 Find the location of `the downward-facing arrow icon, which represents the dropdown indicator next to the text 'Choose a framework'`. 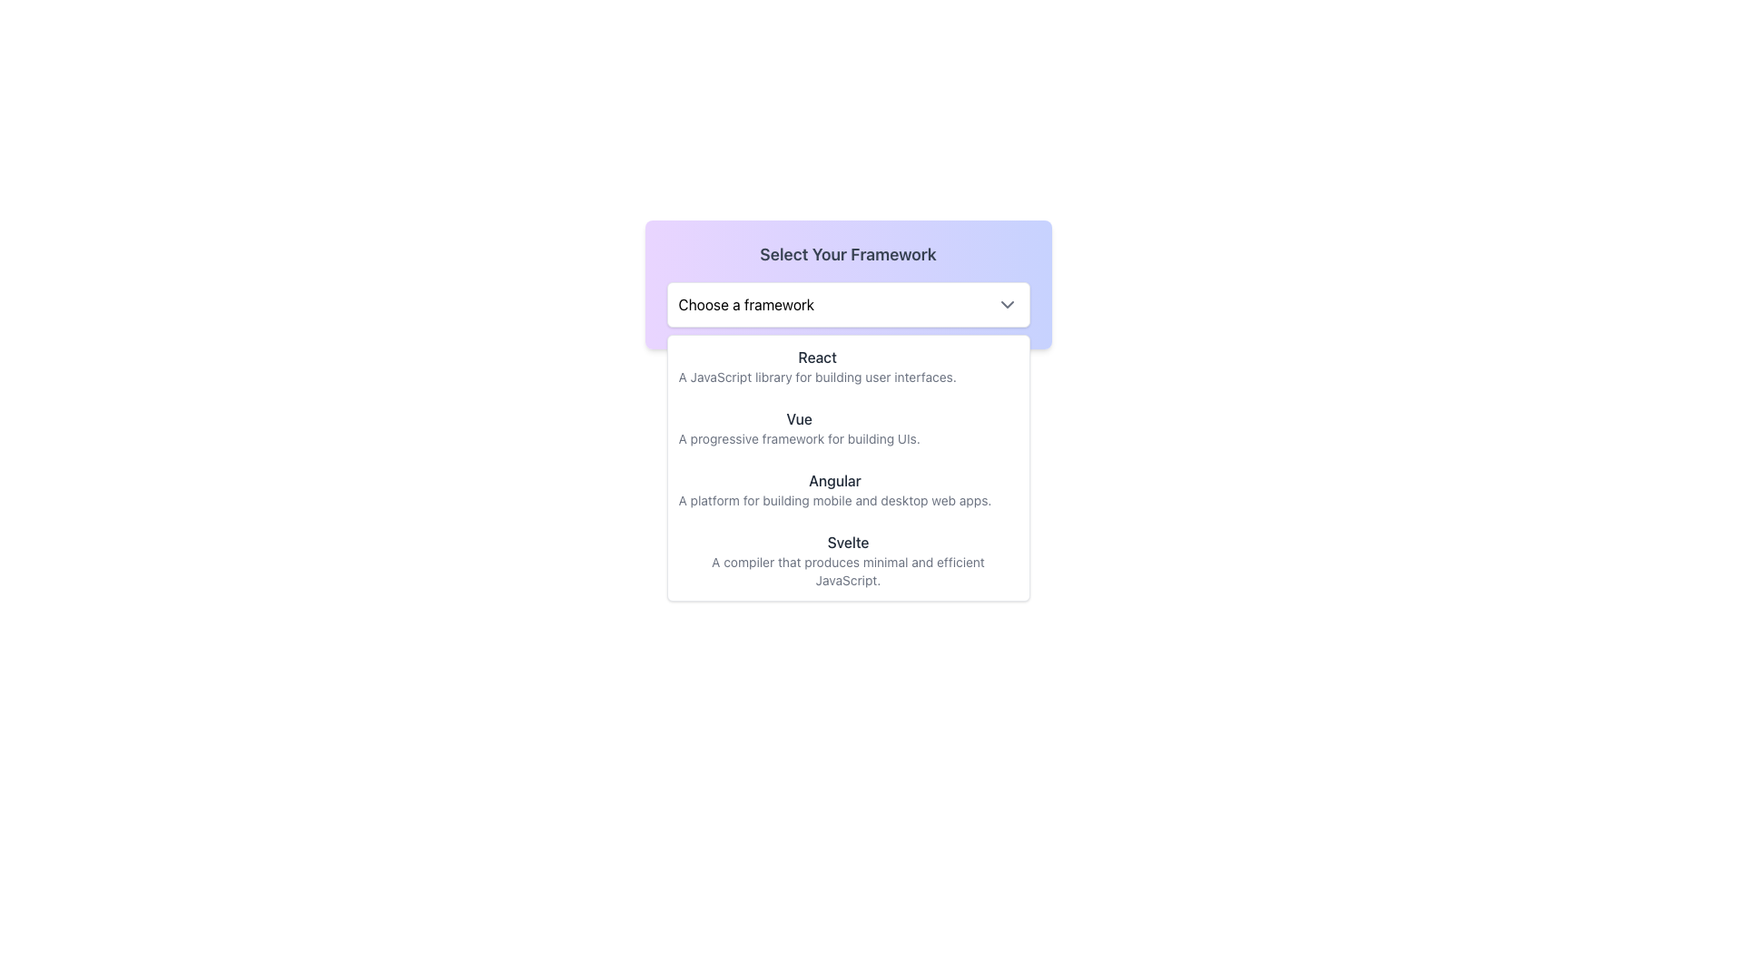

the downward-facing arrow icon, which represents the dropdown indicator next to the text 'Choose a framework' is located at coordinates (1006, 303).